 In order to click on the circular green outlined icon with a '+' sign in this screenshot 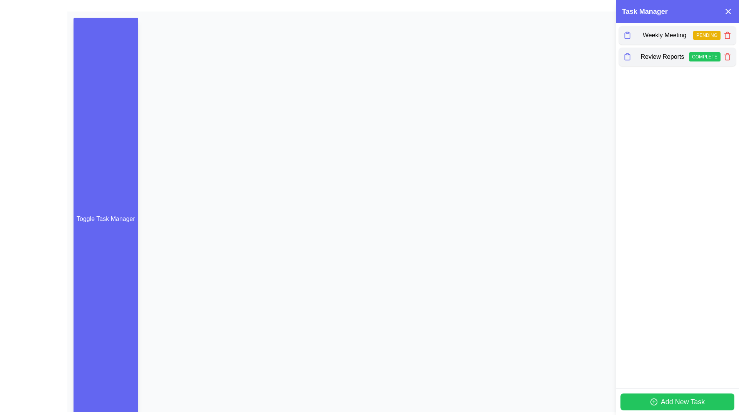, I will do `click(653, 401)`.